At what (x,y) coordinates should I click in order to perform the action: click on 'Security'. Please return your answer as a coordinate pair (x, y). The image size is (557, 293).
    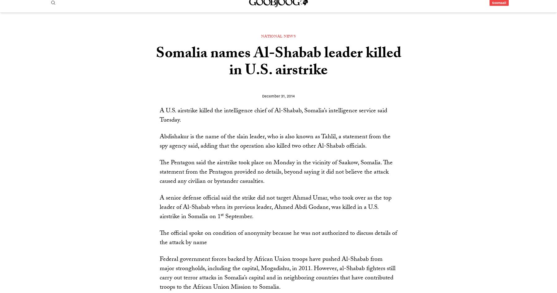
    Looking at the image, I should click on (390, 28).